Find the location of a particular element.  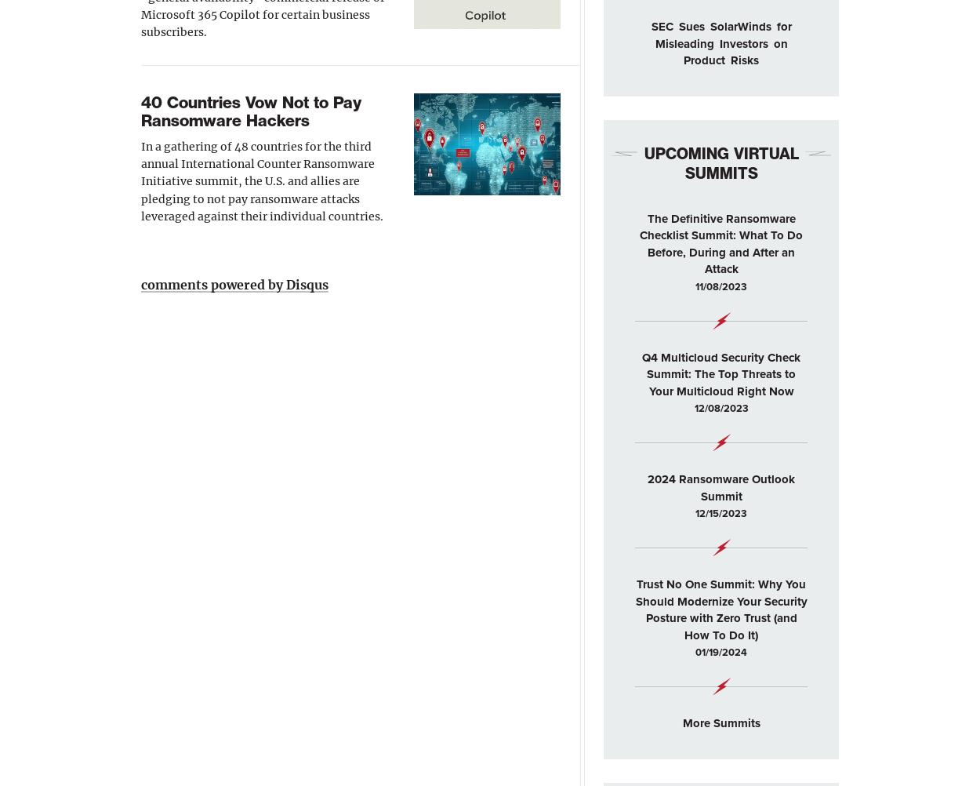

'comments powered by' is located at coordinates (213, 284).